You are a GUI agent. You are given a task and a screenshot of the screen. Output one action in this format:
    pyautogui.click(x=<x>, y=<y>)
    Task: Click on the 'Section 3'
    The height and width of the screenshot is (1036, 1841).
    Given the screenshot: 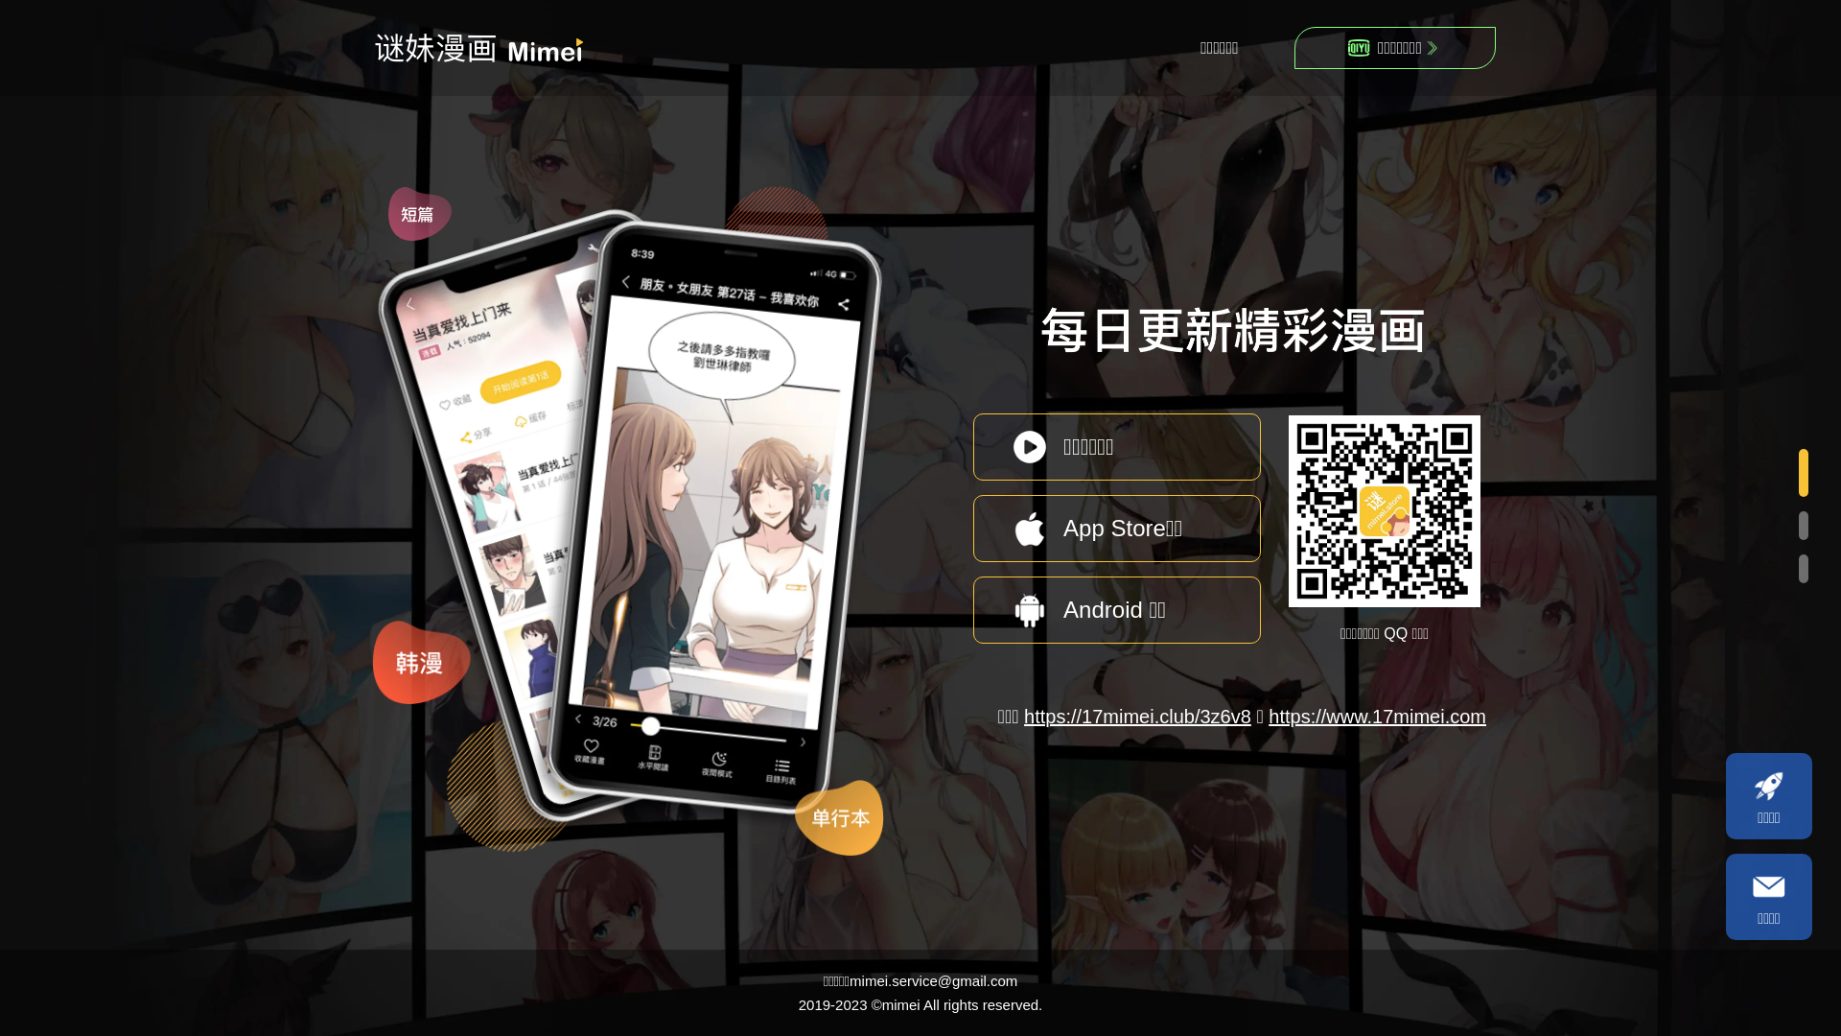 What is the action you would take?
    pyautogui.click(x=1799, y=569)
    